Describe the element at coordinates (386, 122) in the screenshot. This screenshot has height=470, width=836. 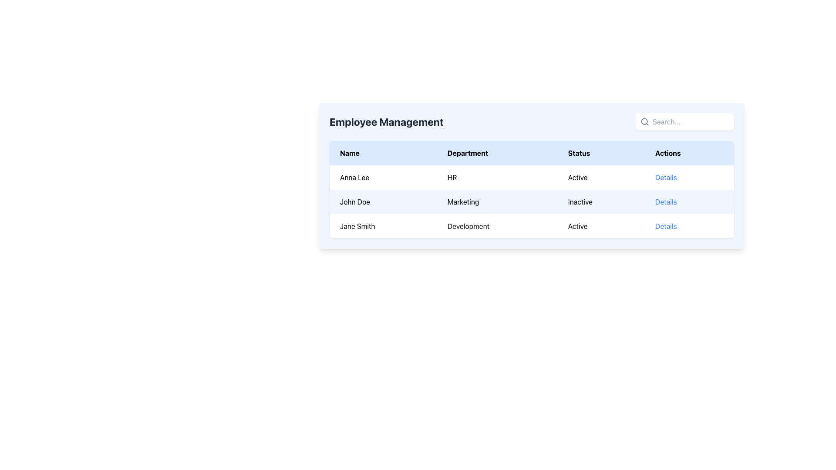
I see `the Text Label that serves as a title or heading above the employee information table, located near the top left of its section` at that location.